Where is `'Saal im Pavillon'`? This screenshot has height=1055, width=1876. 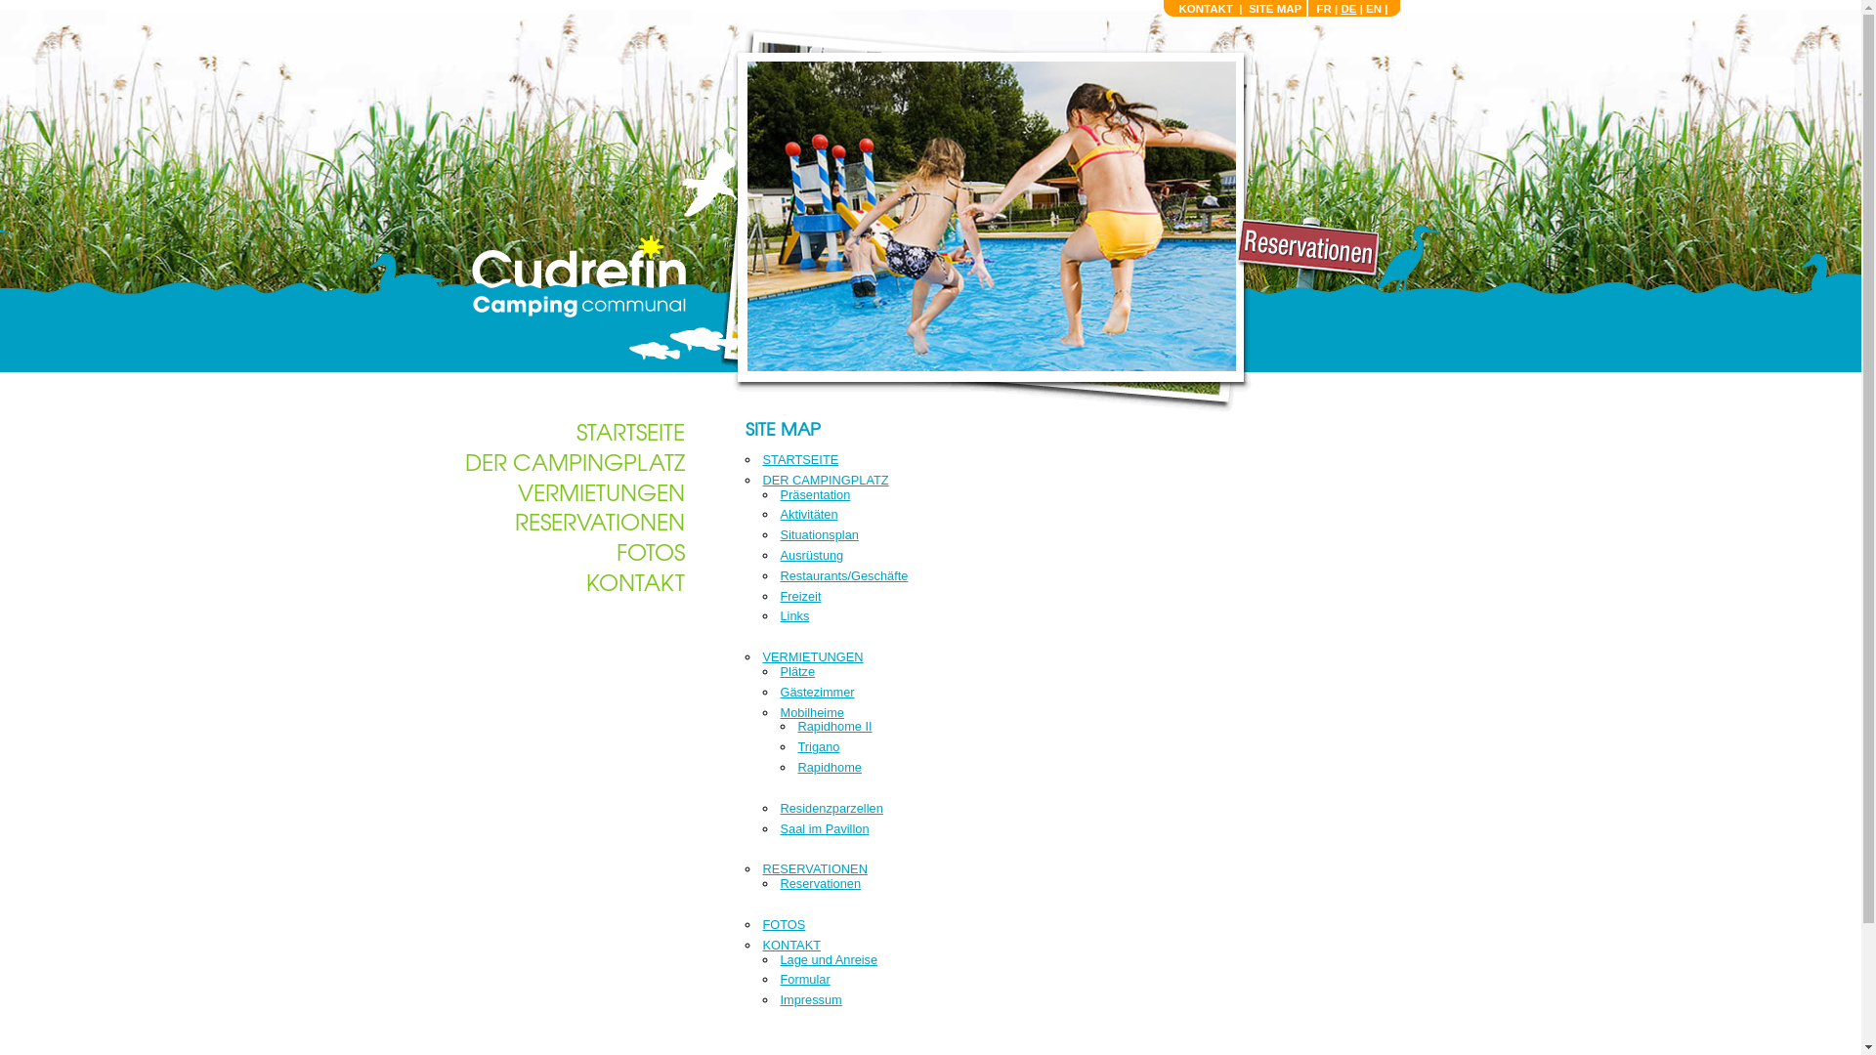
'Saal im Pavillon' is located at coordinates (778, 828).